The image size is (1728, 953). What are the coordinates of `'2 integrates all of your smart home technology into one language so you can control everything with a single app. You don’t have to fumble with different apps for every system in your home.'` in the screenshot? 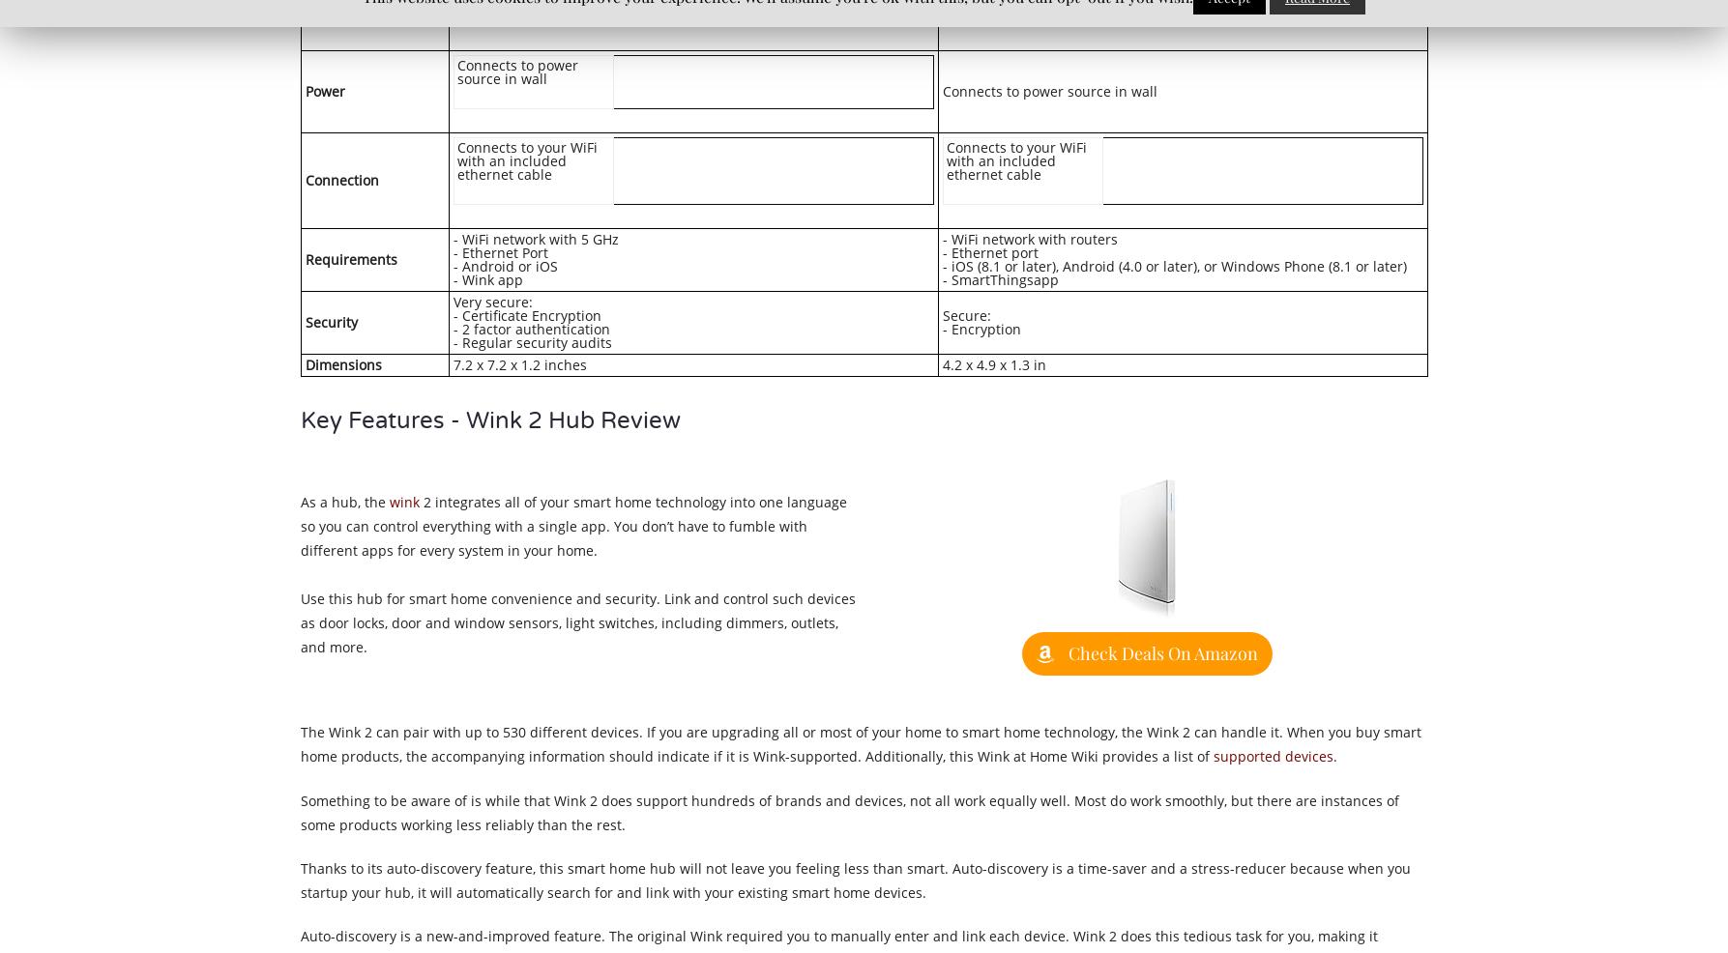 It's located at (571, 524).